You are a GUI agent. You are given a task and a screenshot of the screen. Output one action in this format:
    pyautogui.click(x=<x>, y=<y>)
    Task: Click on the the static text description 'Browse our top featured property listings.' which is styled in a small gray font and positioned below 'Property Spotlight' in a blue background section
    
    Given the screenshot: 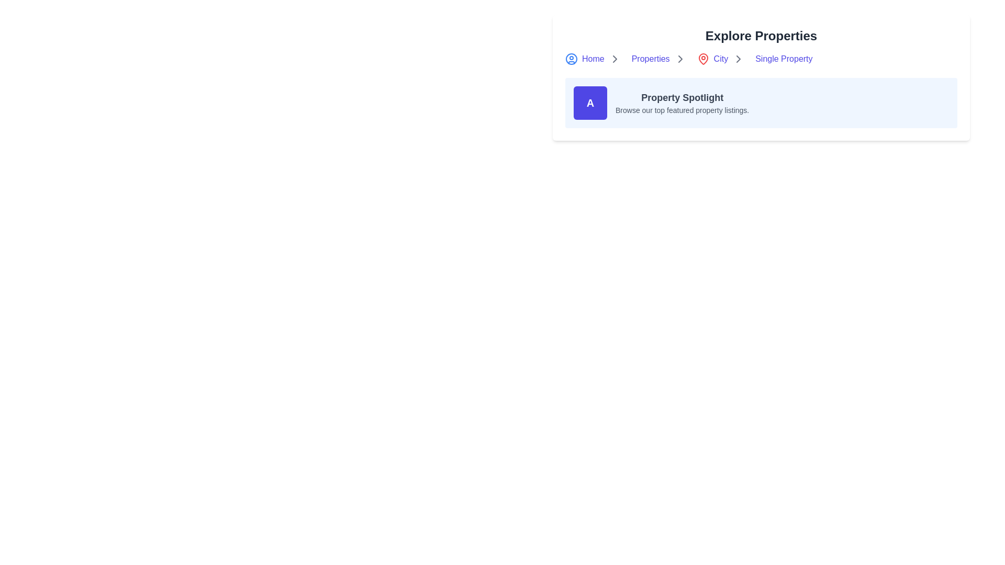 What is the action you would take?
    pyautogui.click(x=682, y=110)
    